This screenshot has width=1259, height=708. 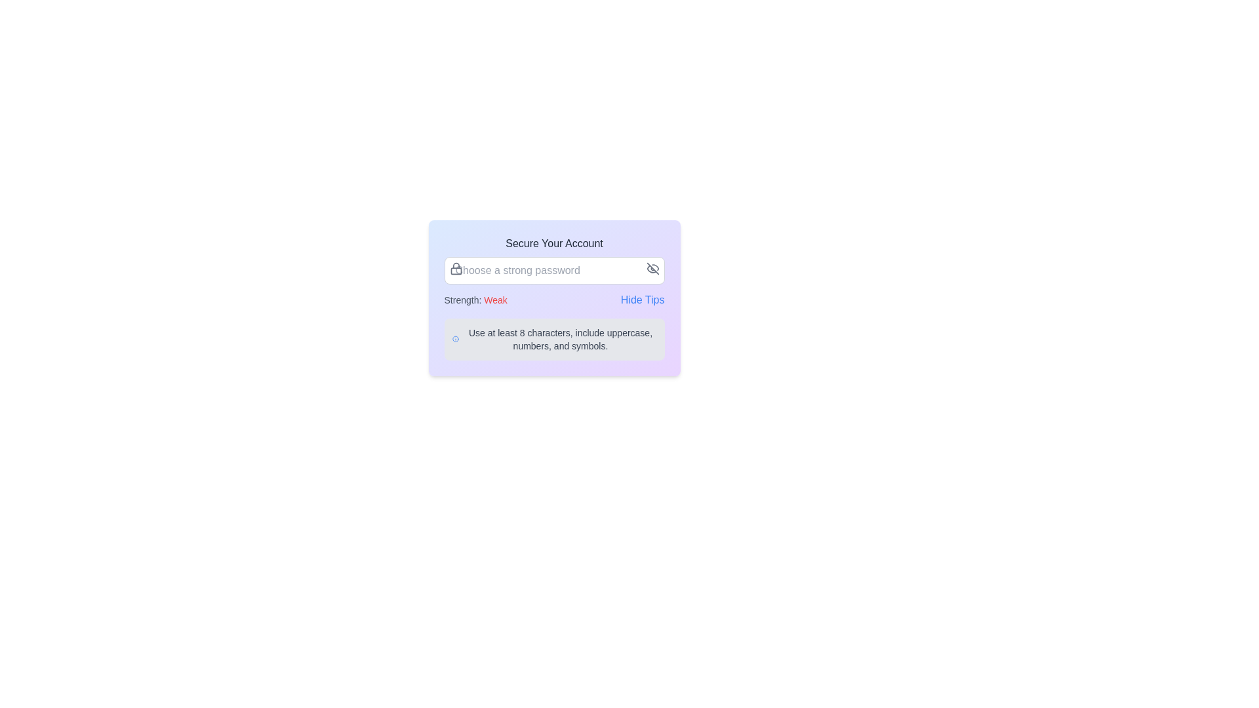 What do you see at coordinates (554, 269) in the screenshot?
I see `the text input field styled with a rounded border that has a placeholder text 'Choose a strong password'` at bounding box center [554, 269].